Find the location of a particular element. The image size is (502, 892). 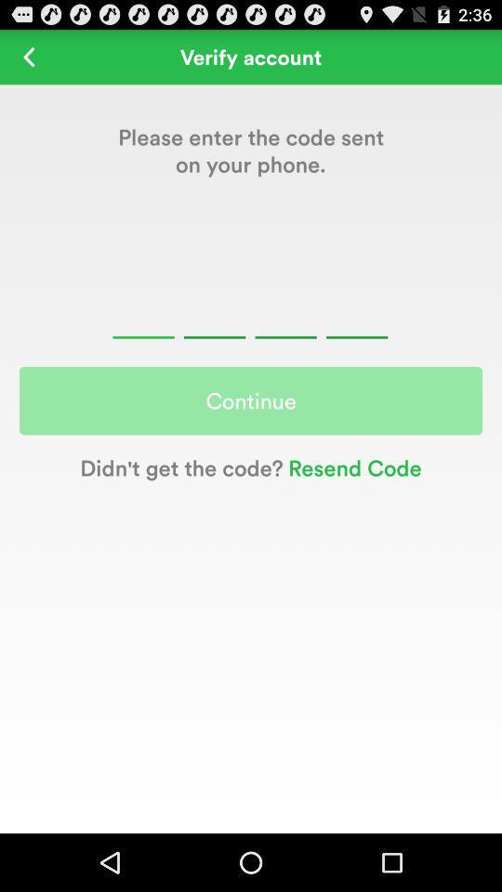

icon next to the verify account icon is located at coordinates (28, 57).